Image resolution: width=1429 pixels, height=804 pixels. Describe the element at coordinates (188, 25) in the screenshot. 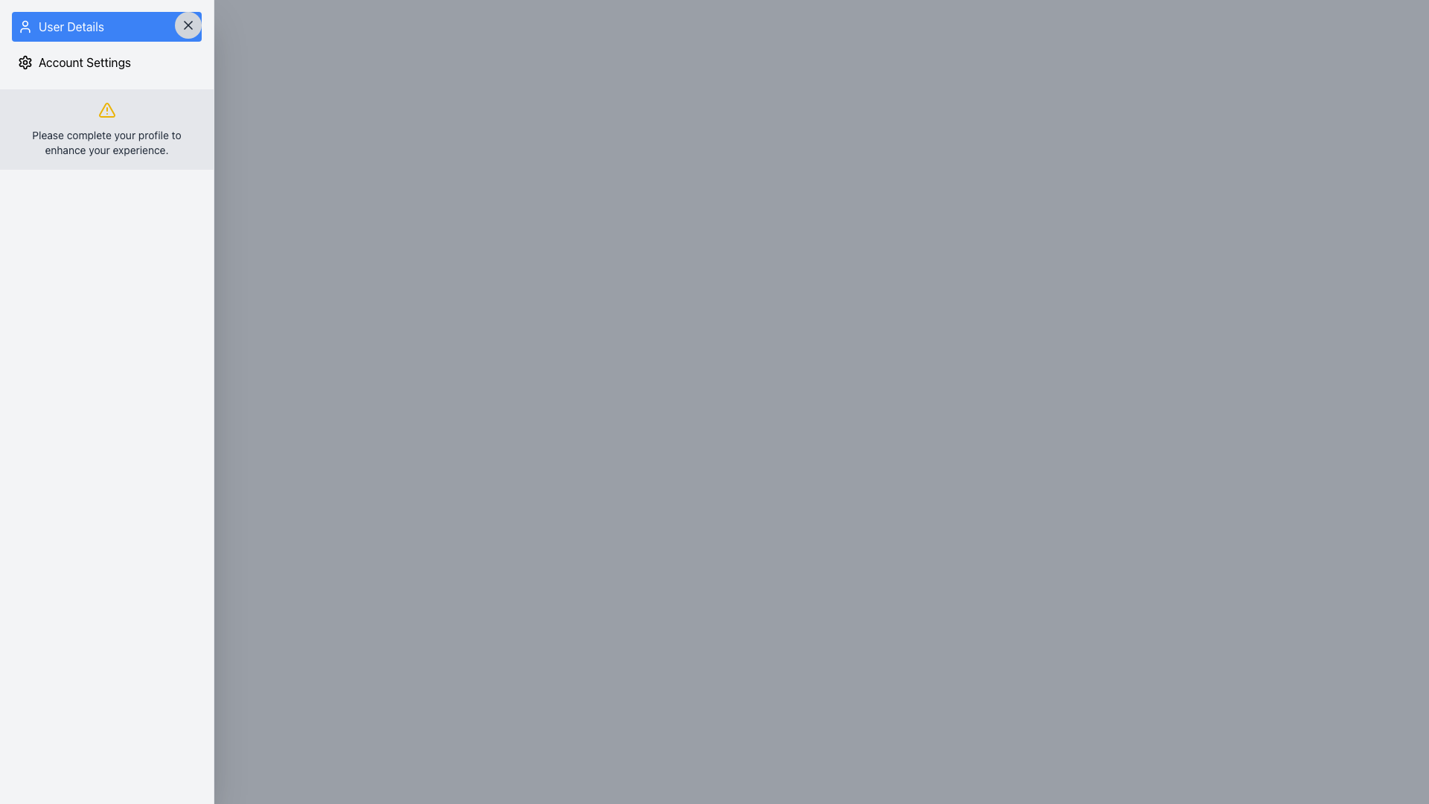

I see `the 'X' icon-based button located in the top right corner of the 'User Details' header section` at that location.